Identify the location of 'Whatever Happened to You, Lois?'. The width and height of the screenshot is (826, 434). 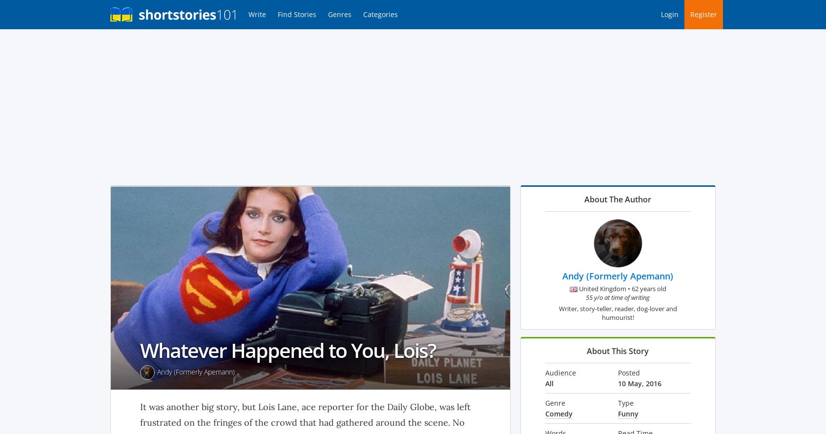
(139, 349).